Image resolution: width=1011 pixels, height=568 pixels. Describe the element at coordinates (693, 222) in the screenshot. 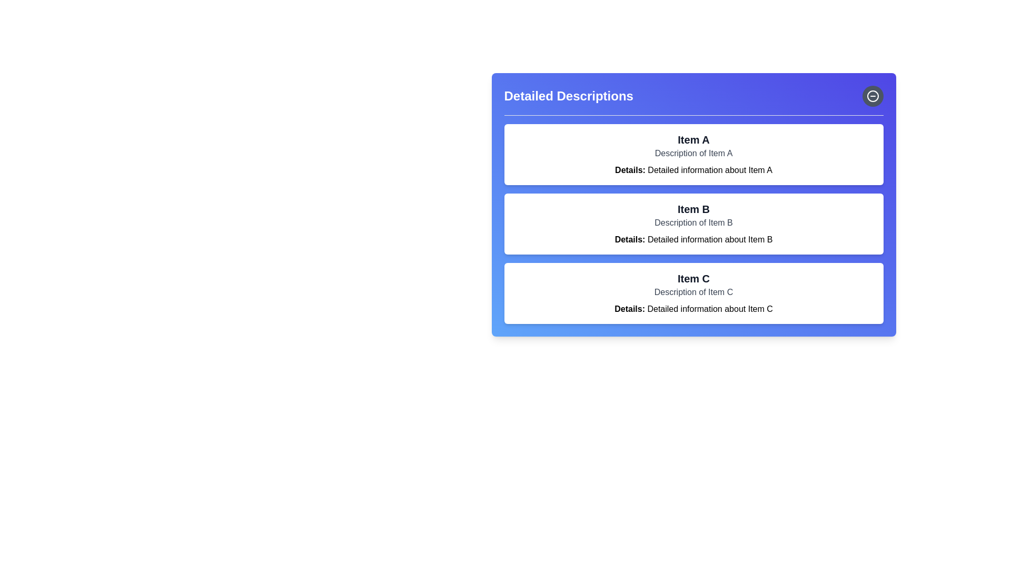

I see `the text label displaying 'Description of Item B', which is aligned horizontally and styled in gray, located within the 'Item B' panel` at that location.